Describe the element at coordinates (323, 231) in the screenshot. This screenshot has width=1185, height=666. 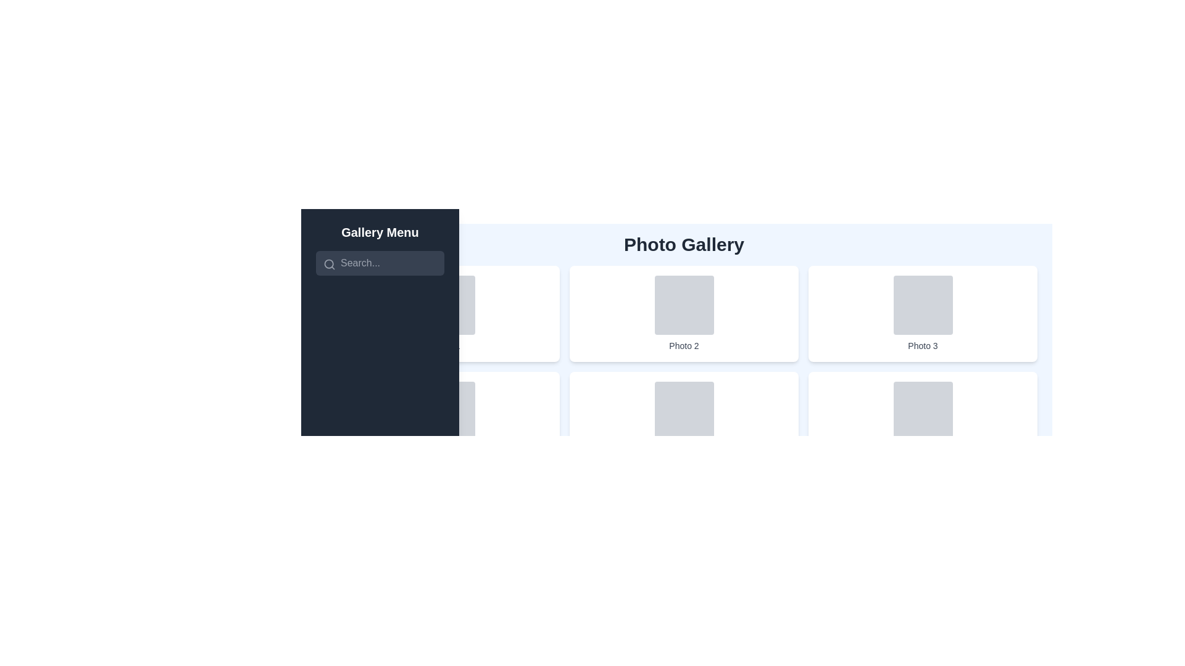
I see `the toggle button to close the drawer` at that location.